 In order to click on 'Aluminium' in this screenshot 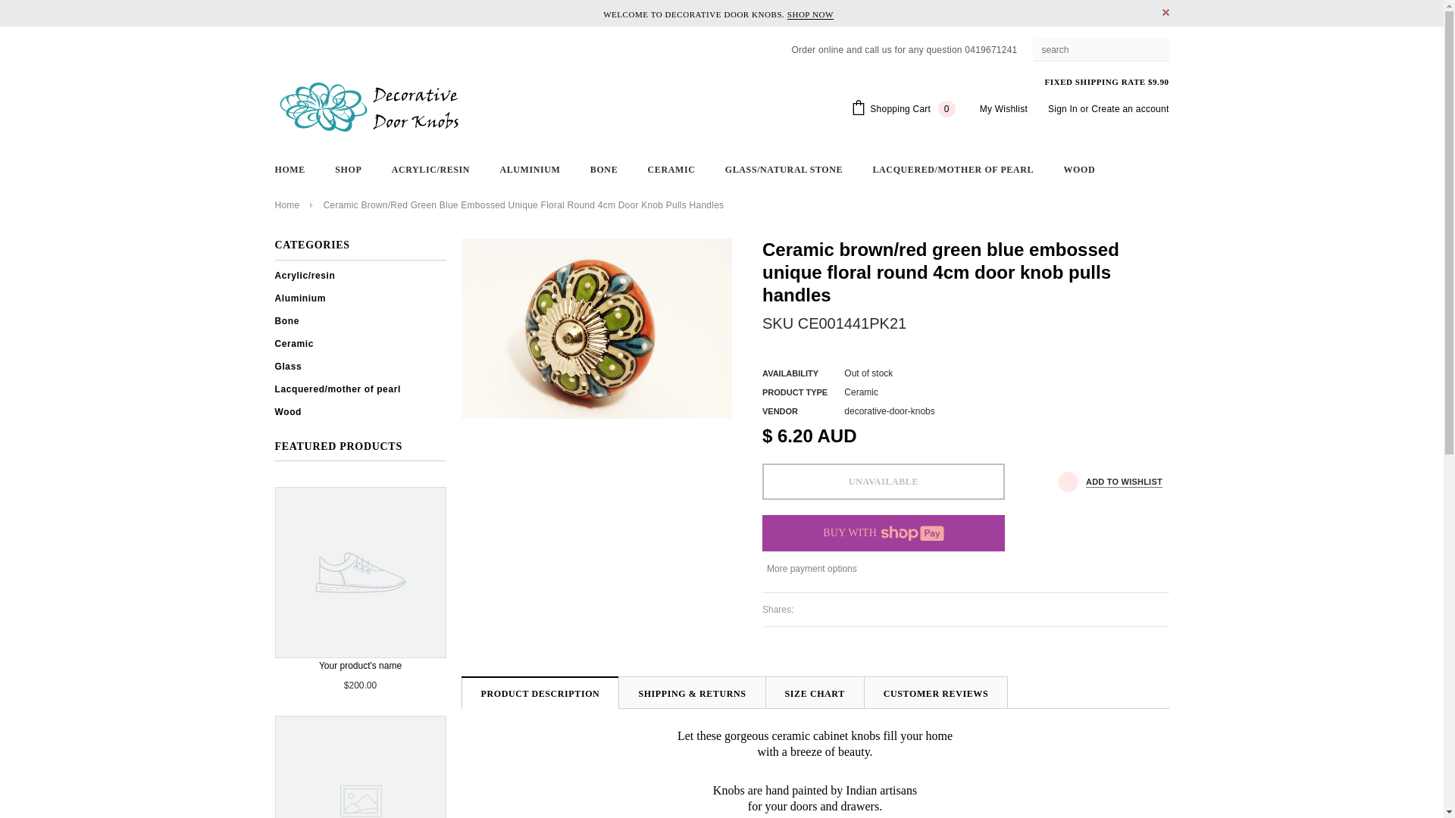, I will do `click(299, 298)`.